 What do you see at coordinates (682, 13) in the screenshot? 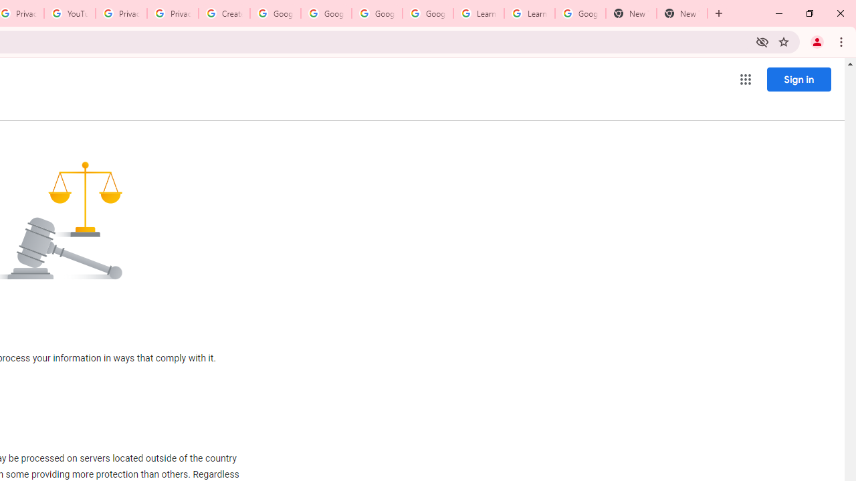
I see `'New Tab'` at bounding box center [682, 13].